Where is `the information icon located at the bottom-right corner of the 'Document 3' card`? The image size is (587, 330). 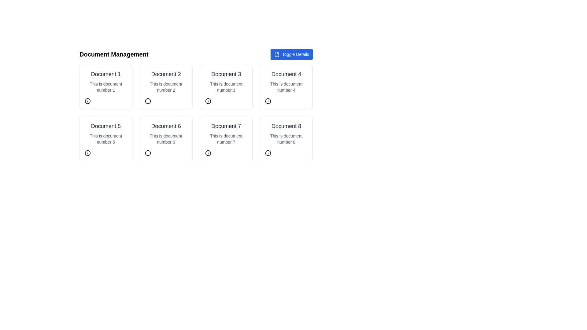
the information icon located at the bottom-right corner of the 'Document 3' card is located at coordinates (208, 101).